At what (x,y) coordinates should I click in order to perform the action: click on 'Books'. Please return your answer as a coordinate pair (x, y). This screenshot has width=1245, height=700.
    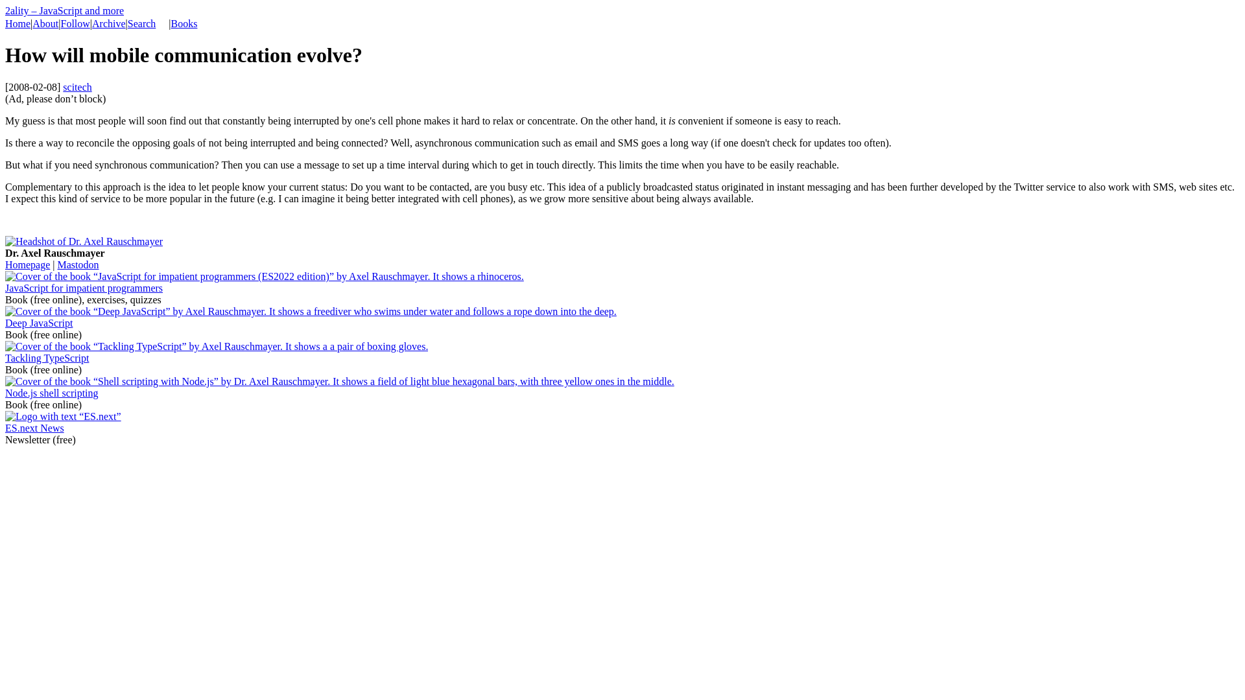
    Looking at the image, I should click on (184, 23).